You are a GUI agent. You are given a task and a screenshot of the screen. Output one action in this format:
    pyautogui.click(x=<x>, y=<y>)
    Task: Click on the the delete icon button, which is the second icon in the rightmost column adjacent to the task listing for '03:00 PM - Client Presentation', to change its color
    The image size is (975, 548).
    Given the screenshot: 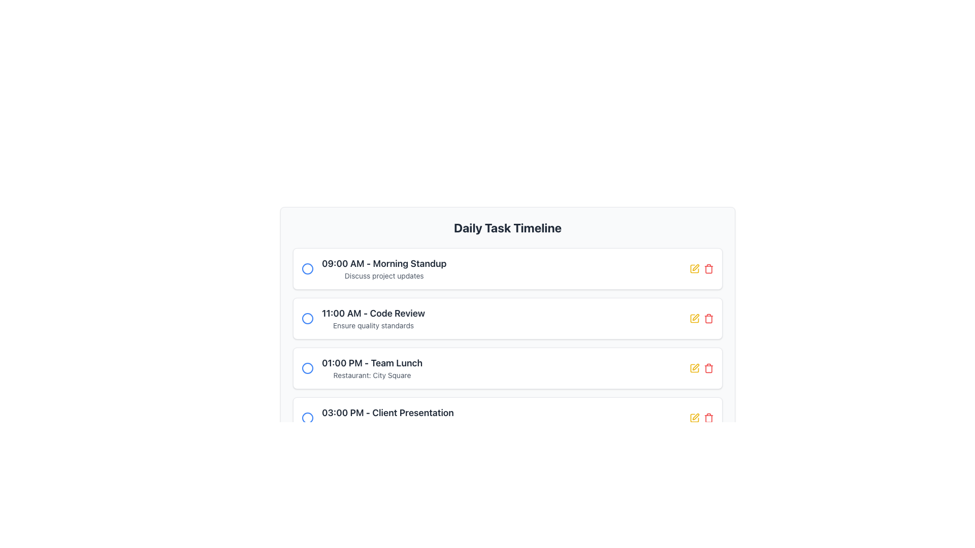 What is the action you would take?
    pyautogui.click(x=708, y=418)
    